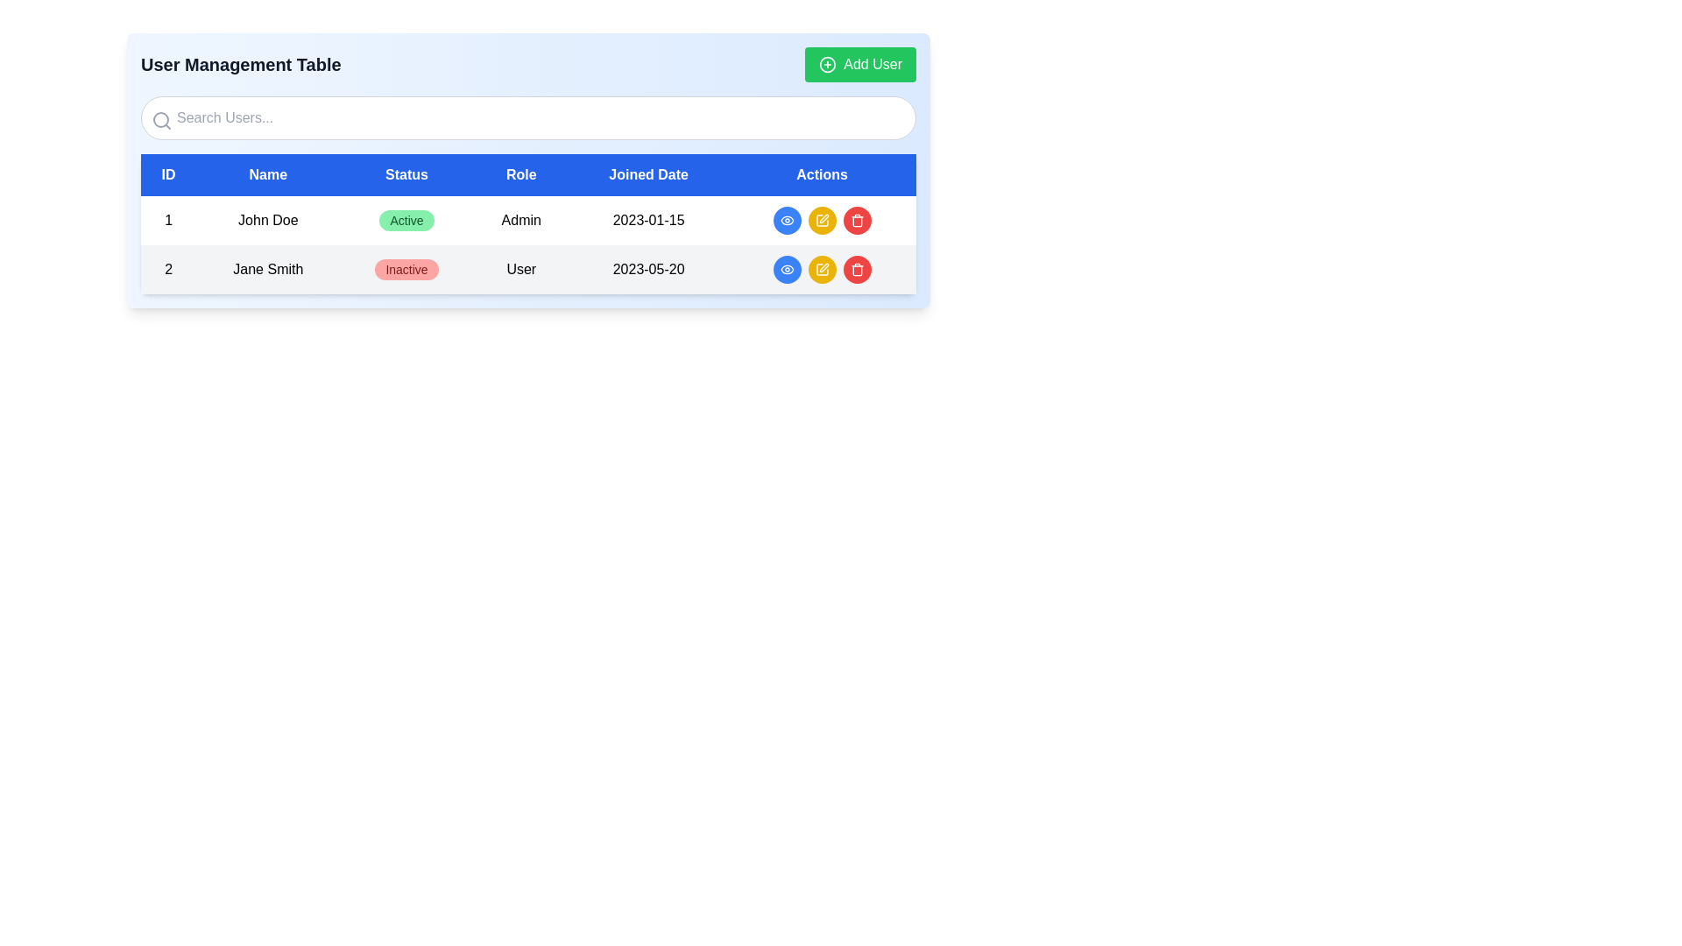  I want to click on the static text element displaying the number '1' in the ID column of the user table for the user 'John Doe', so click(168, 219).